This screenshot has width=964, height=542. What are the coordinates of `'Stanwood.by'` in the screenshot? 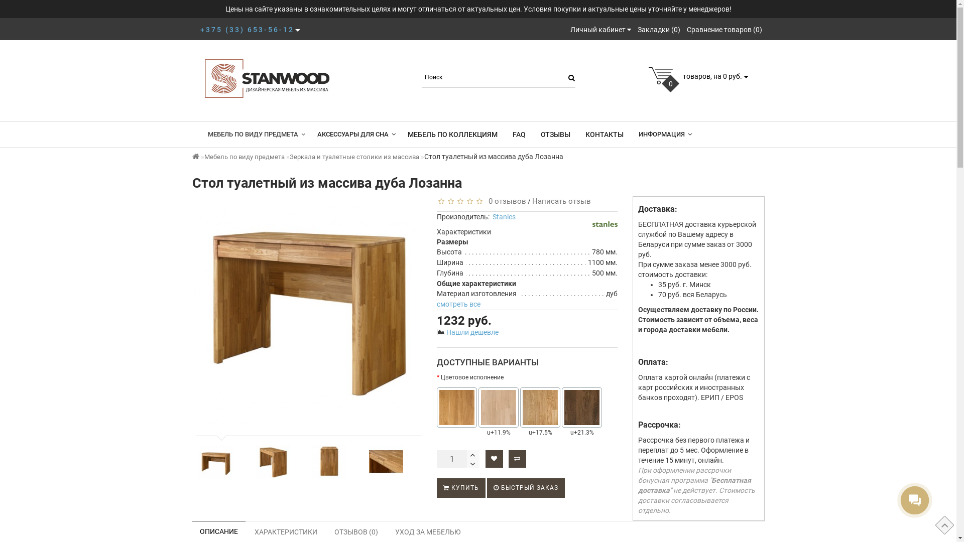 It's located at (267, 78).